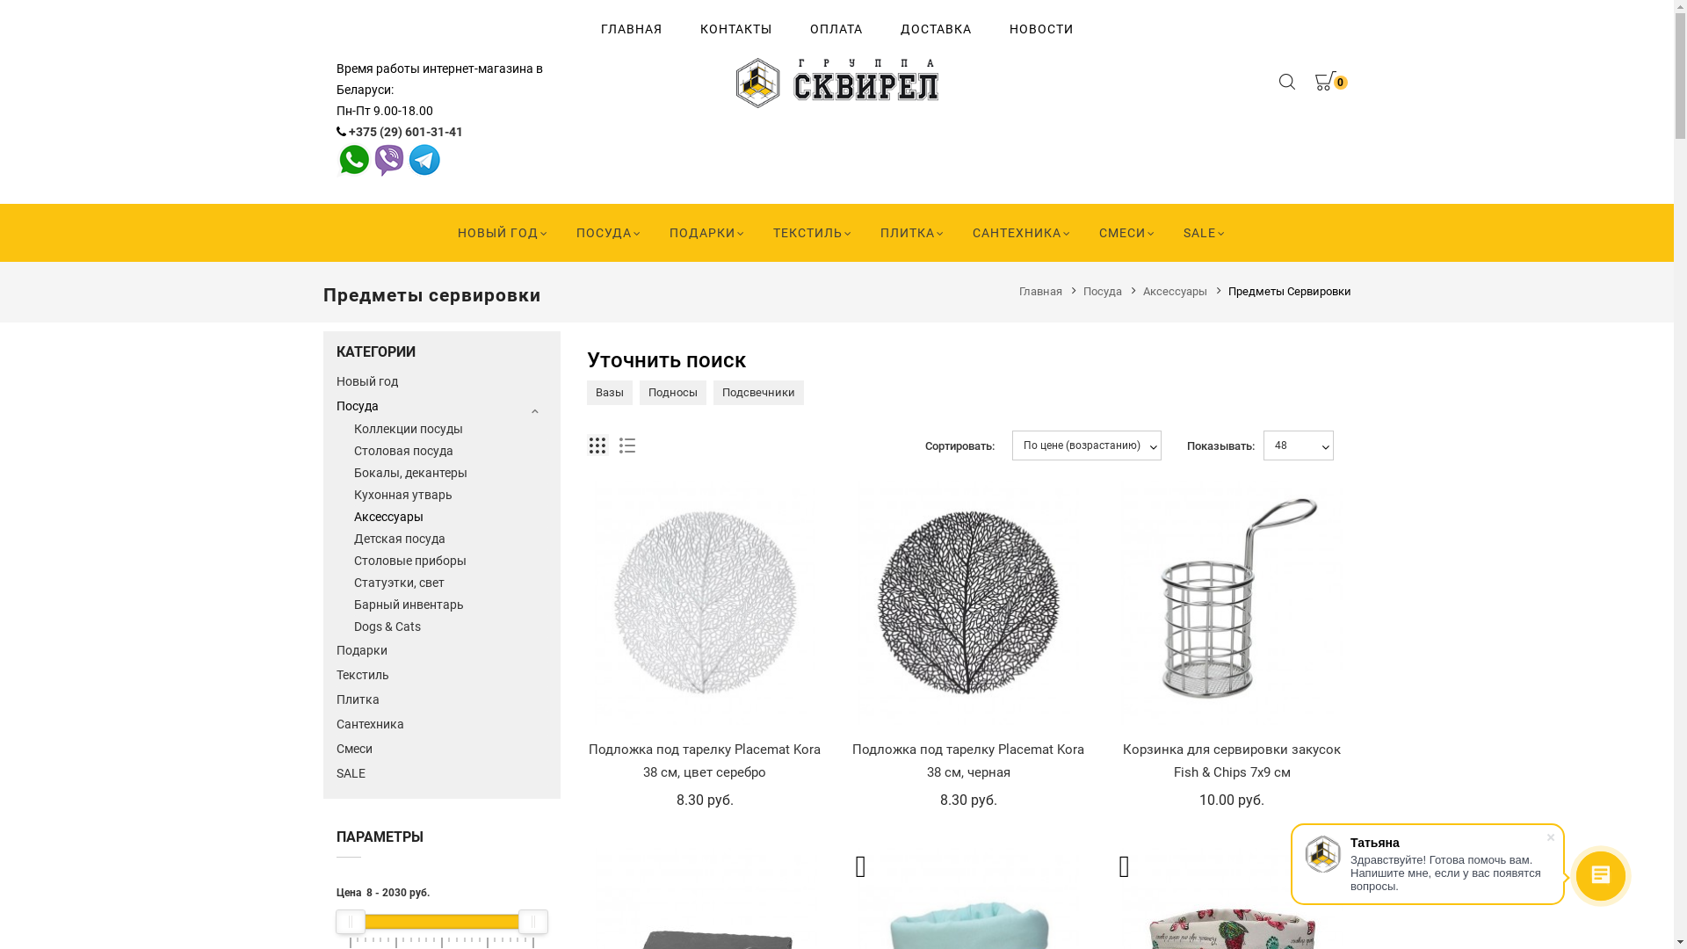  I want to click on '0', so click(1324, 83).